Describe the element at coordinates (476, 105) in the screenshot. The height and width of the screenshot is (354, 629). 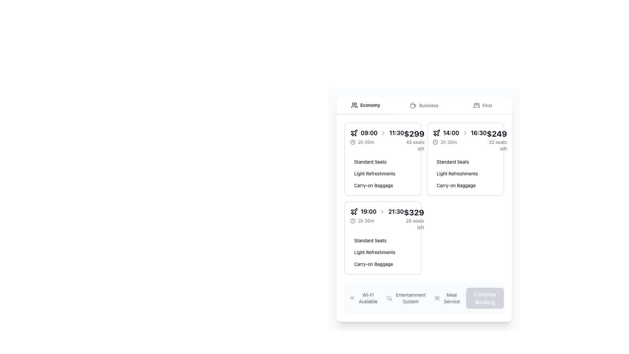
I see `the 'First' option icon located in the horizontal navigation bar at the top of the ticket options section, positioned to the left of the text 'first'` at that location.